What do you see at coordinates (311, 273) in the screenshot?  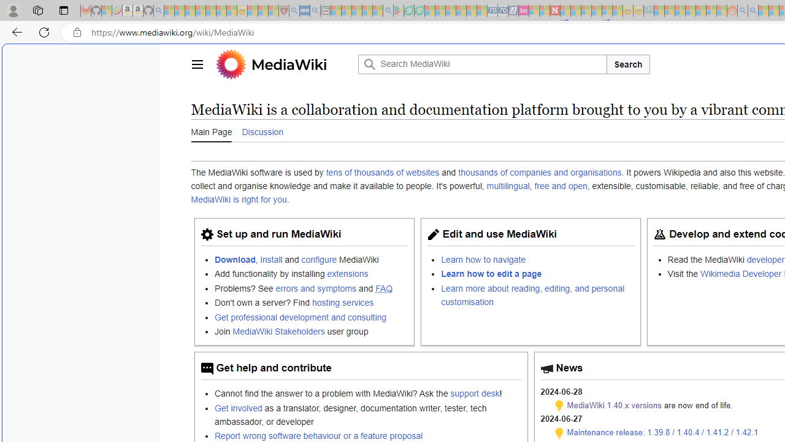 I see `'Add functionality by installing extensions'` at bounding box center [311, 273].